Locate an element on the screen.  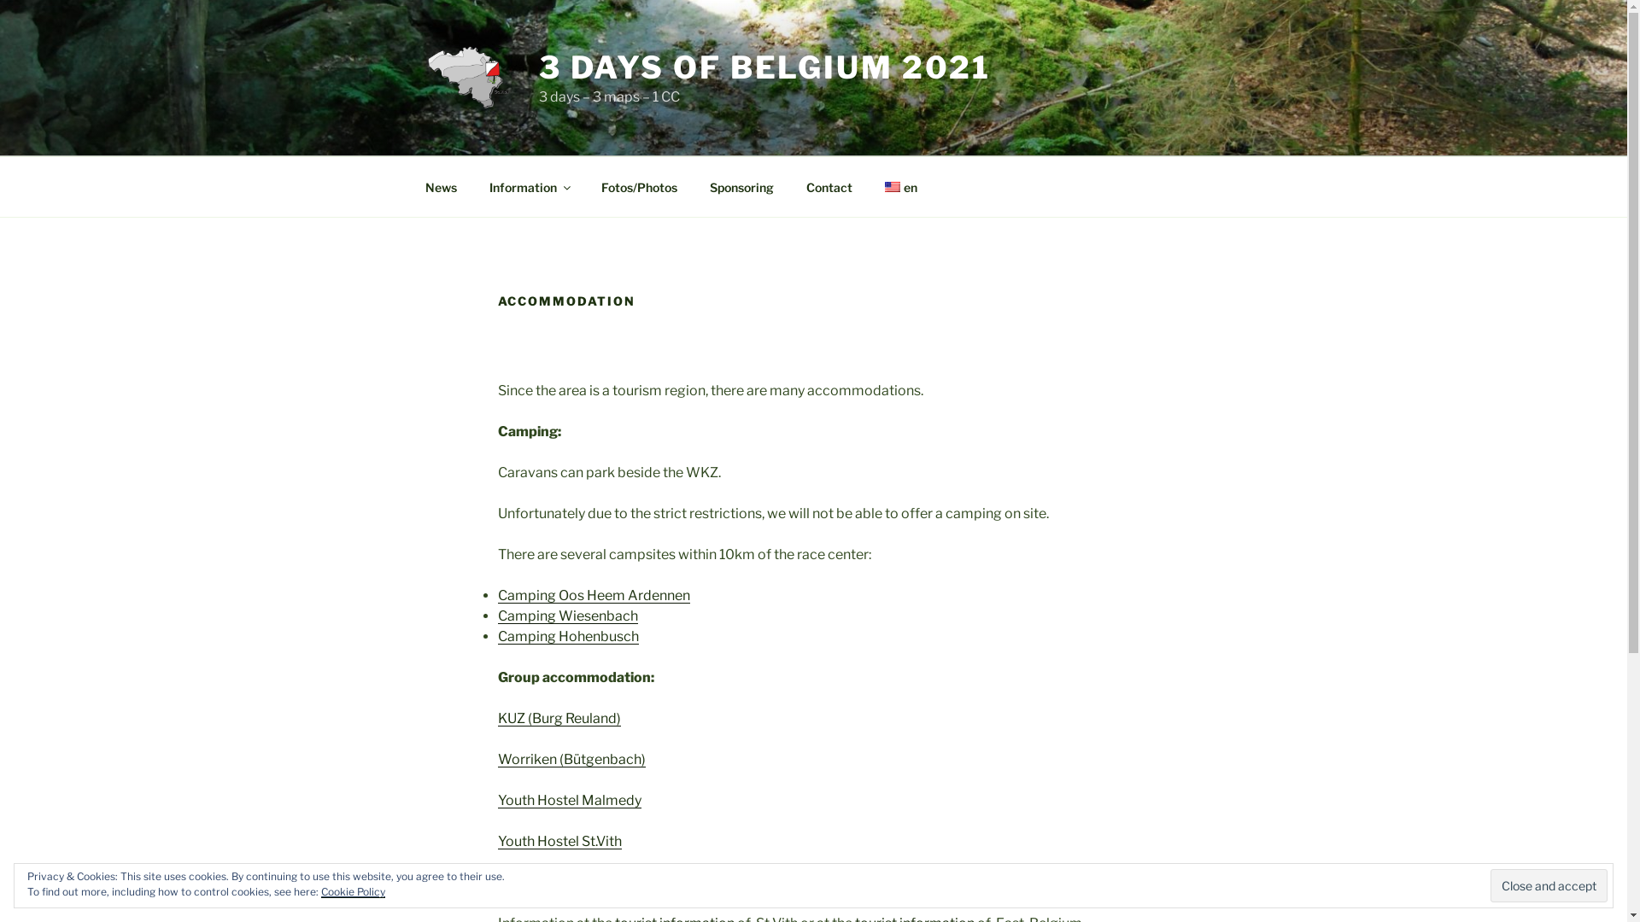
'Contact' is located at coordinates (829, 186).